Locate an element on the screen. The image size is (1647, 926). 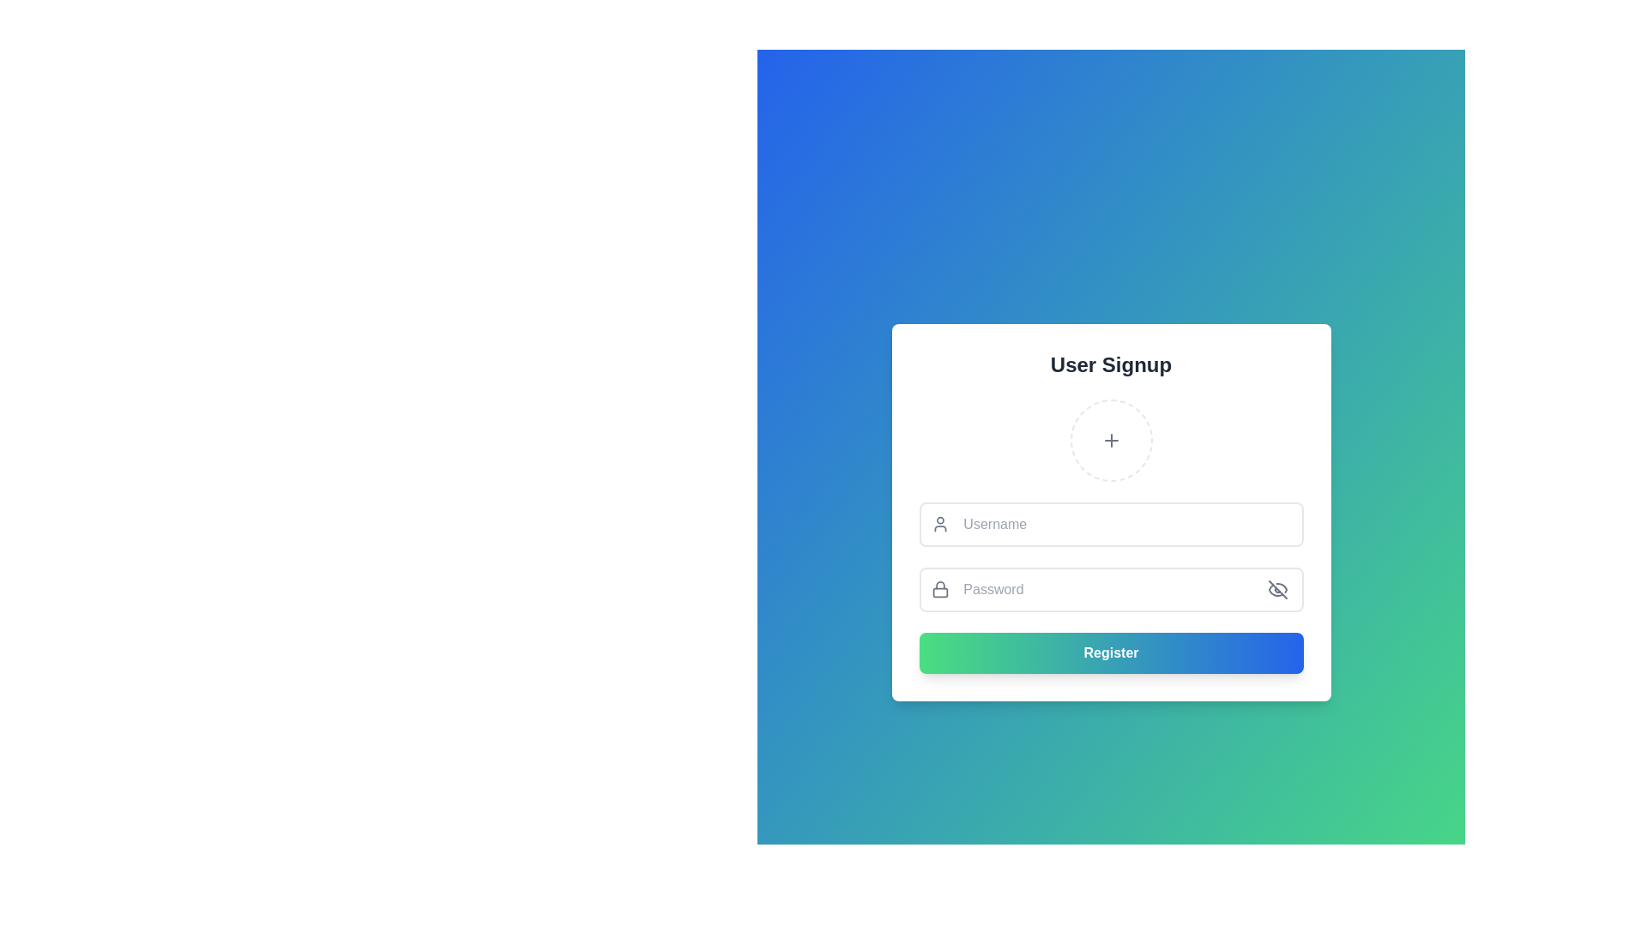
the static text label at the top of the signup form, which serves as the title for the form is located at coordinates (1111, 364).